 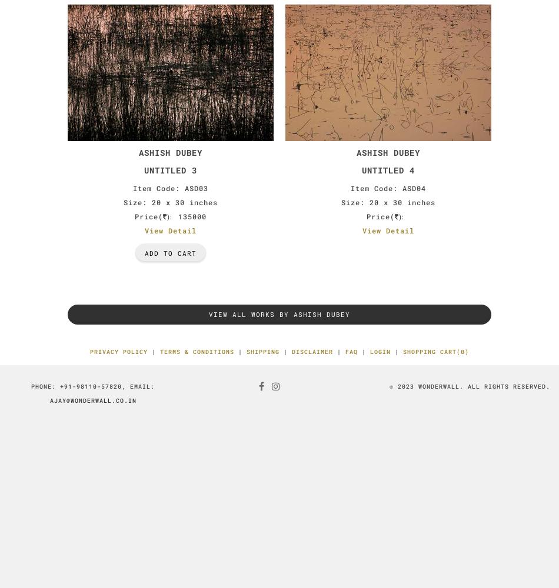 What do you see at coordinates (92, 400) in the screenshot?
I see `'ajay@wonderwall.co.in'` at bounding box center [92, 400].